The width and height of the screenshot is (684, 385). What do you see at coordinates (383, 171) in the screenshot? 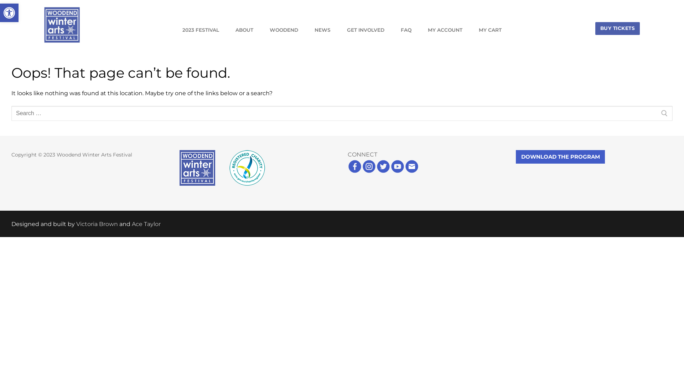
I see `'Twitter'` at bounding box center [383, 171].